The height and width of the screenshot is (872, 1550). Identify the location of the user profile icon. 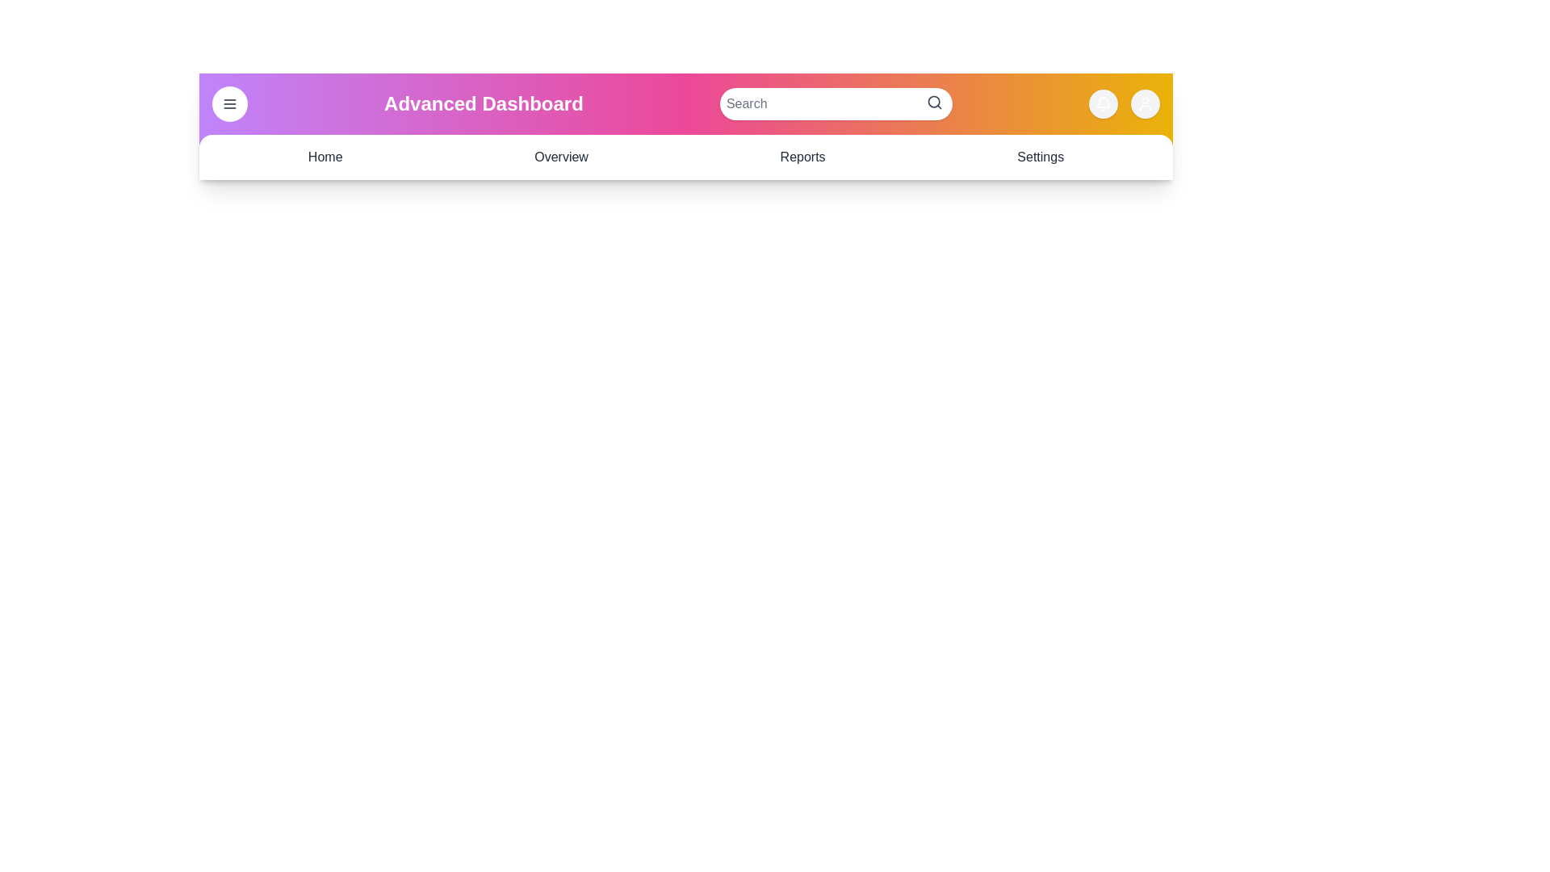
(1144, 103).